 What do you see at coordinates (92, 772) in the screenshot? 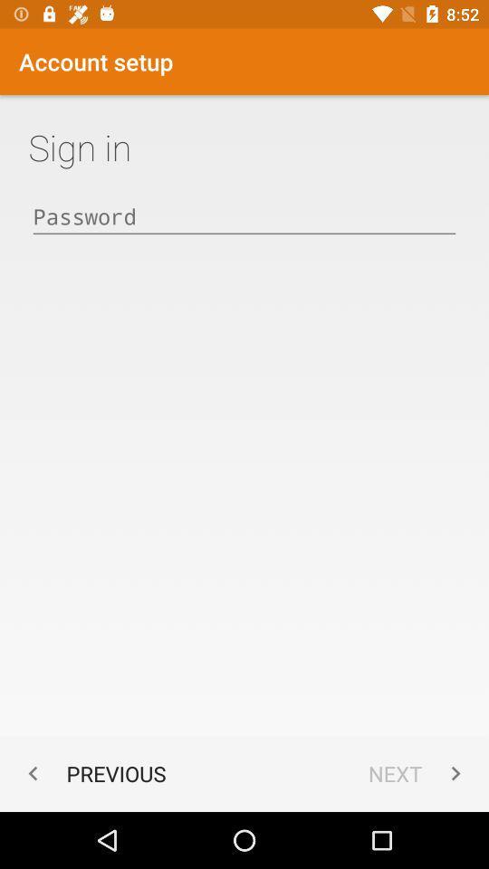
I see `app at the bottom left corner` at bounding box center [92, 772].